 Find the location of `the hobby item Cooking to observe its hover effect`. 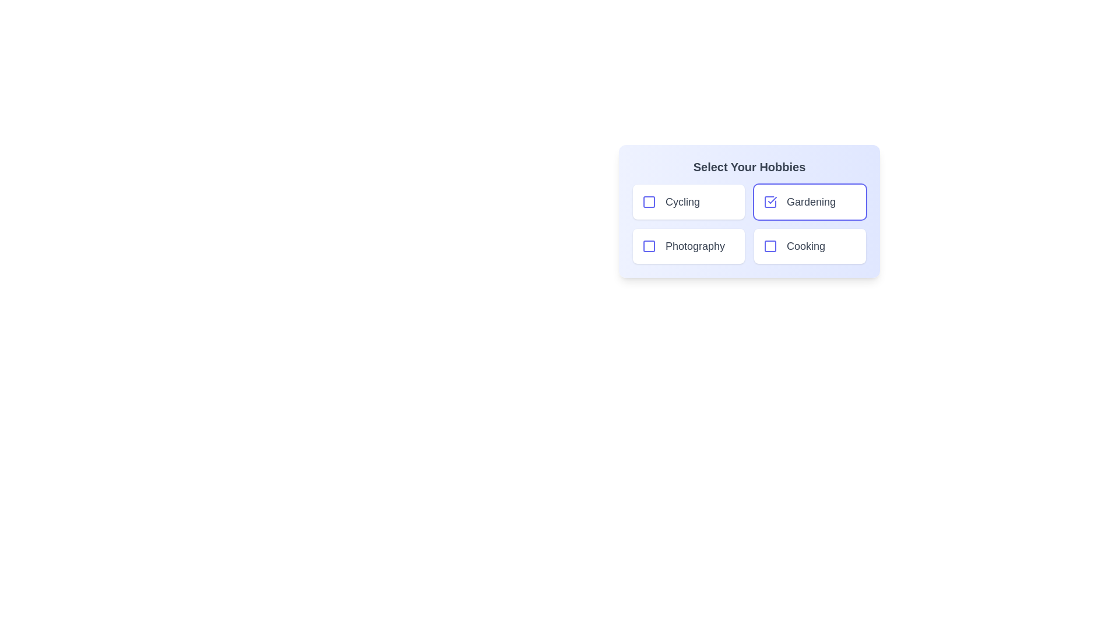

the hobby item Cooking to observe its hover effect is located at coordinates (810, 246).